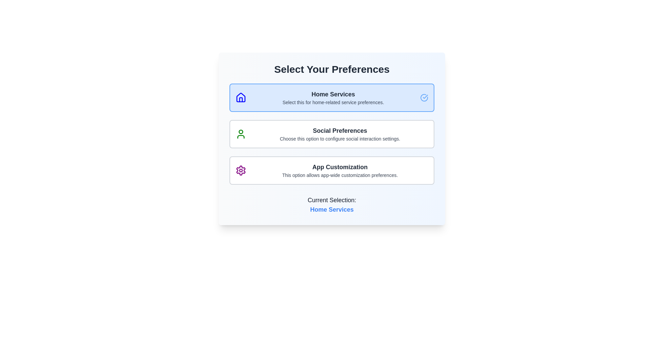 The height and width of the screenshot is (364, 647). I want to click on the bold and centered heading labeled 'Select Your Preferences', which is prominently displayed at the top of a rounded panel, so click(332, 69).